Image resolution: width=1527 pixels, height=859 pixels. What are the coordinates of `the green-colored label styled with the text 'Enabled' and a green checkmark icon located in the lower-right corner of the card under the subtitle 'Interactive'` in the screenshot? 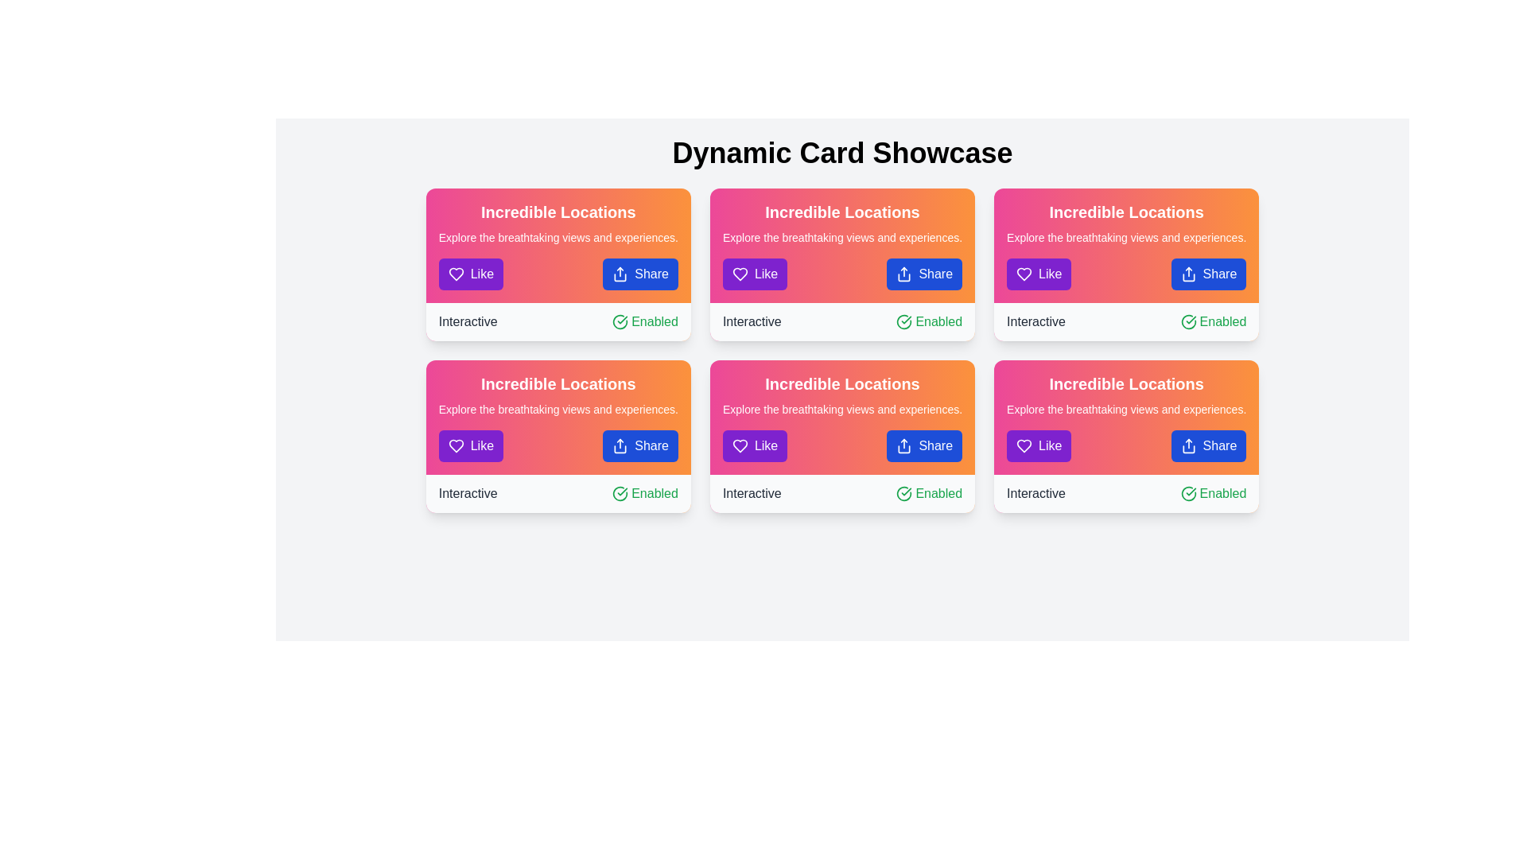 It's located at (645, 493).